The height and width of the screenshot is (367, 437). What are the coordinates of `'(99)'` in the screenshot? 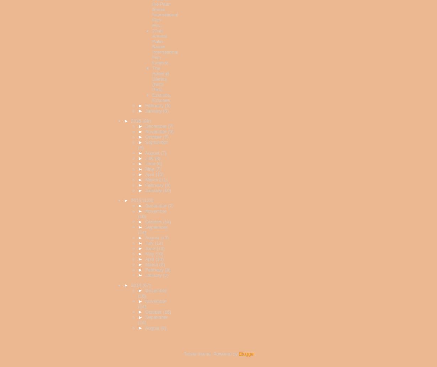 It's located at (146, 120).